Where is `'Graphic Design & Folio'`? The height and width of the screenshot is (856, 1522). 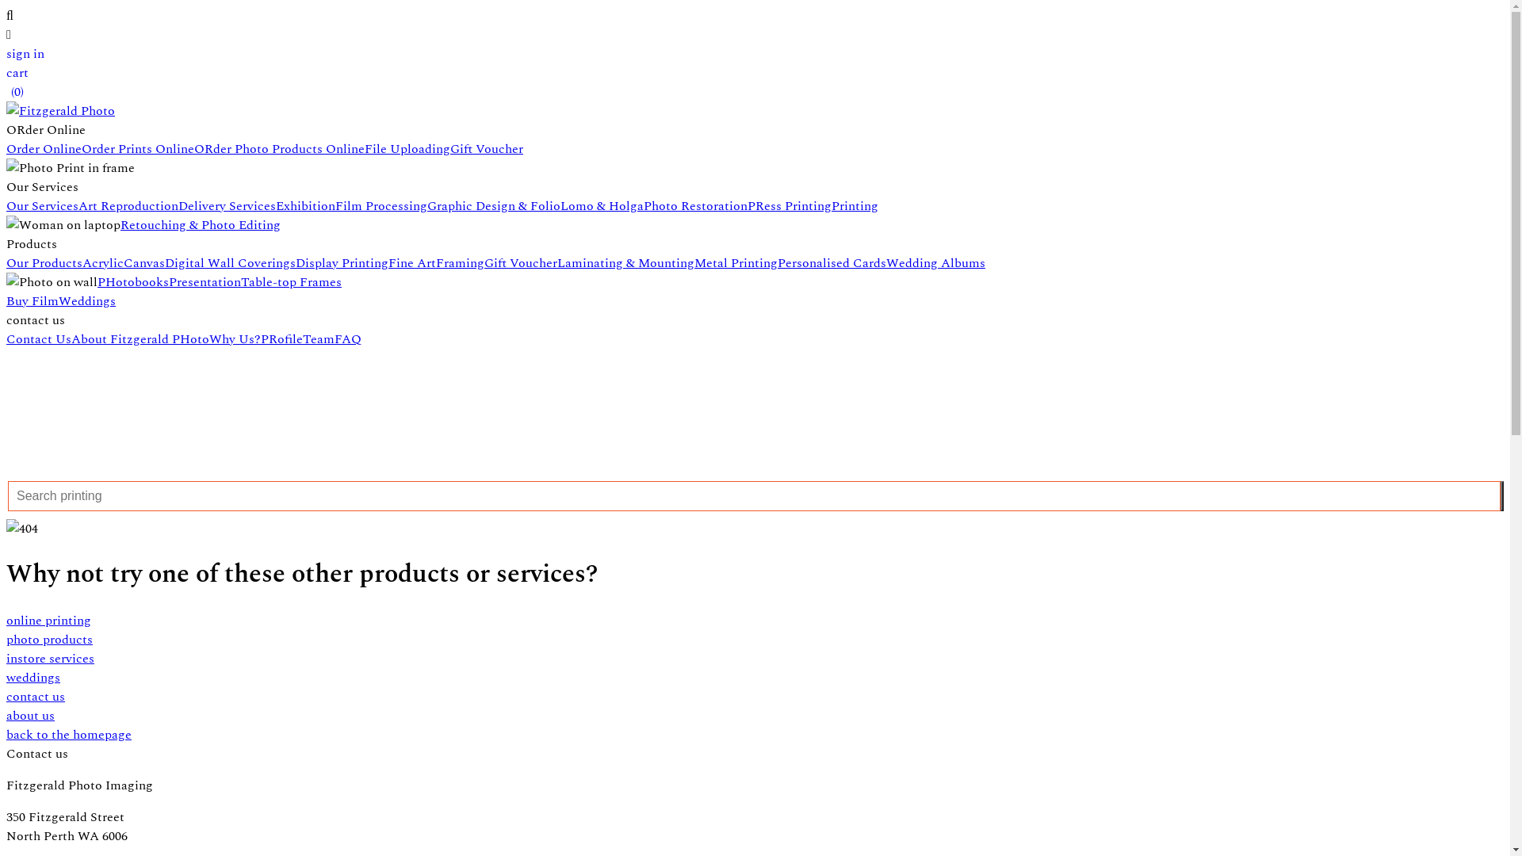 'Graphic Design & Folio' is located at coordinates (493, 204).